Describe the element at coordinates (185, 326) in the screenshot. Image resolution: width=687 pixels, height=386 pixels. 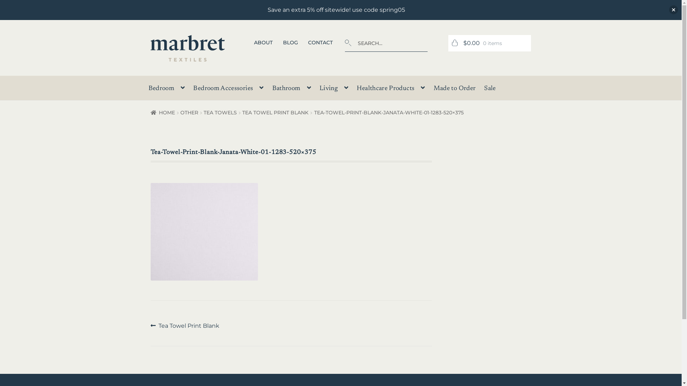
I see `'Previous post:` at that location.